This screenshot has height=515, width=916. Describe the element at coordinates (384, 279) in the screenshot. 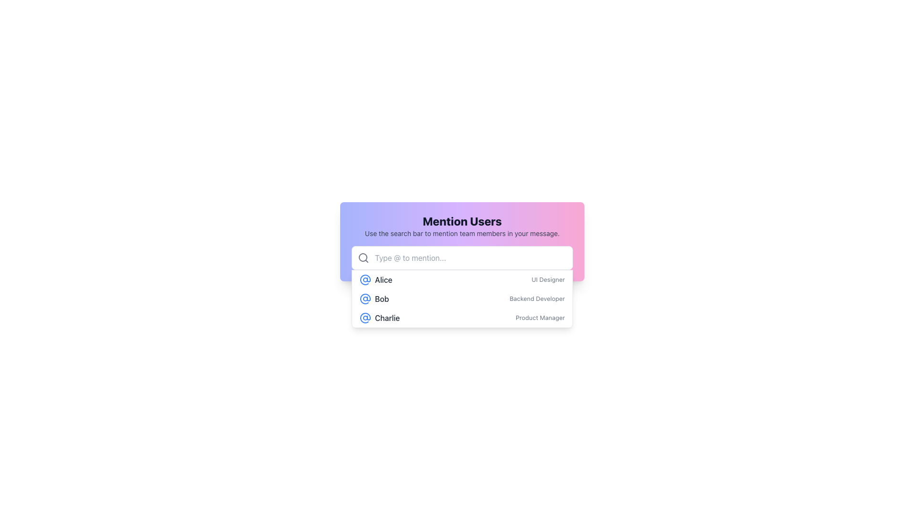

I see `the text label displaying 'Alice'` at that location.